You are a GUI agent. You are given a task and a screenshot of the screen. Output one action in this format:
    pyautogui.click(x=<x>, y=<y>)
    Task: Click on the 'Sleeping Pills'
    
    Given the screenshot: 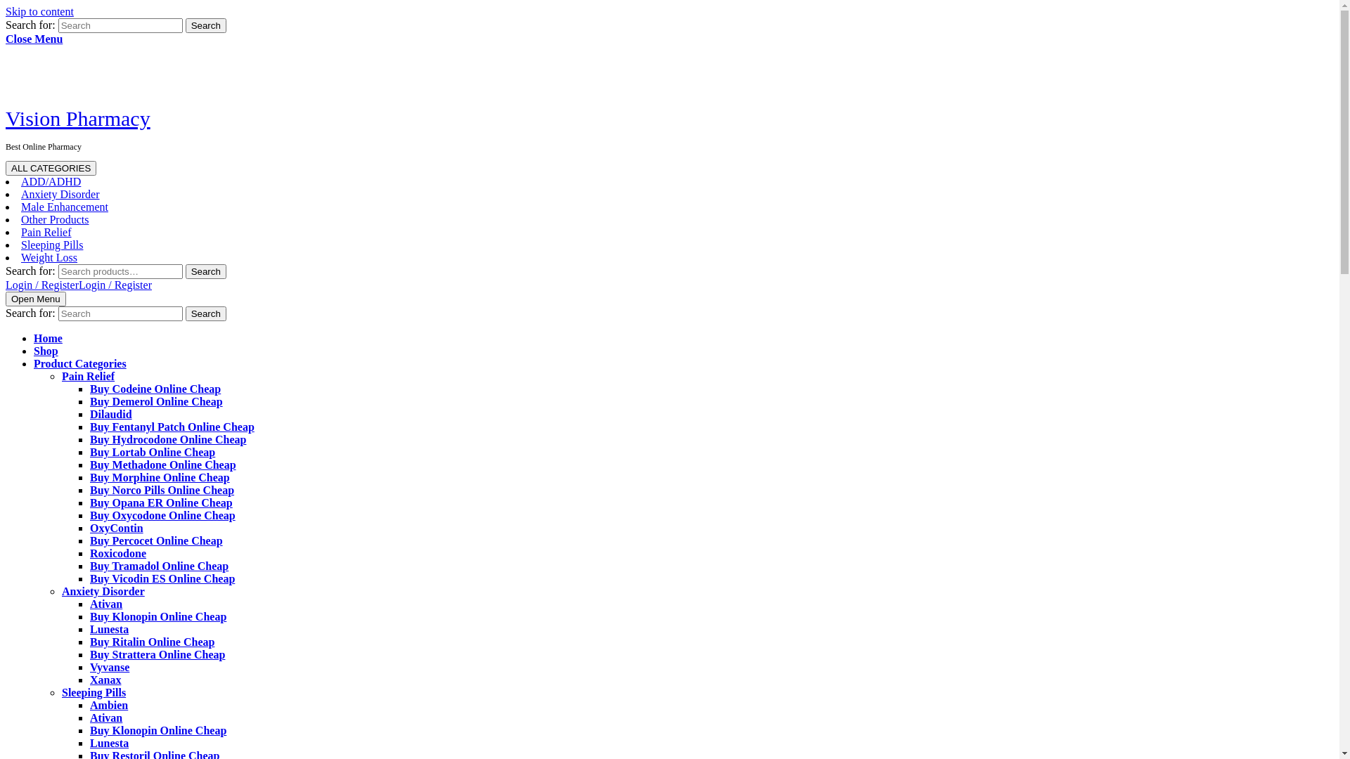 What is the action you would take?
    pyautogui.click(x=93, y=692)
    